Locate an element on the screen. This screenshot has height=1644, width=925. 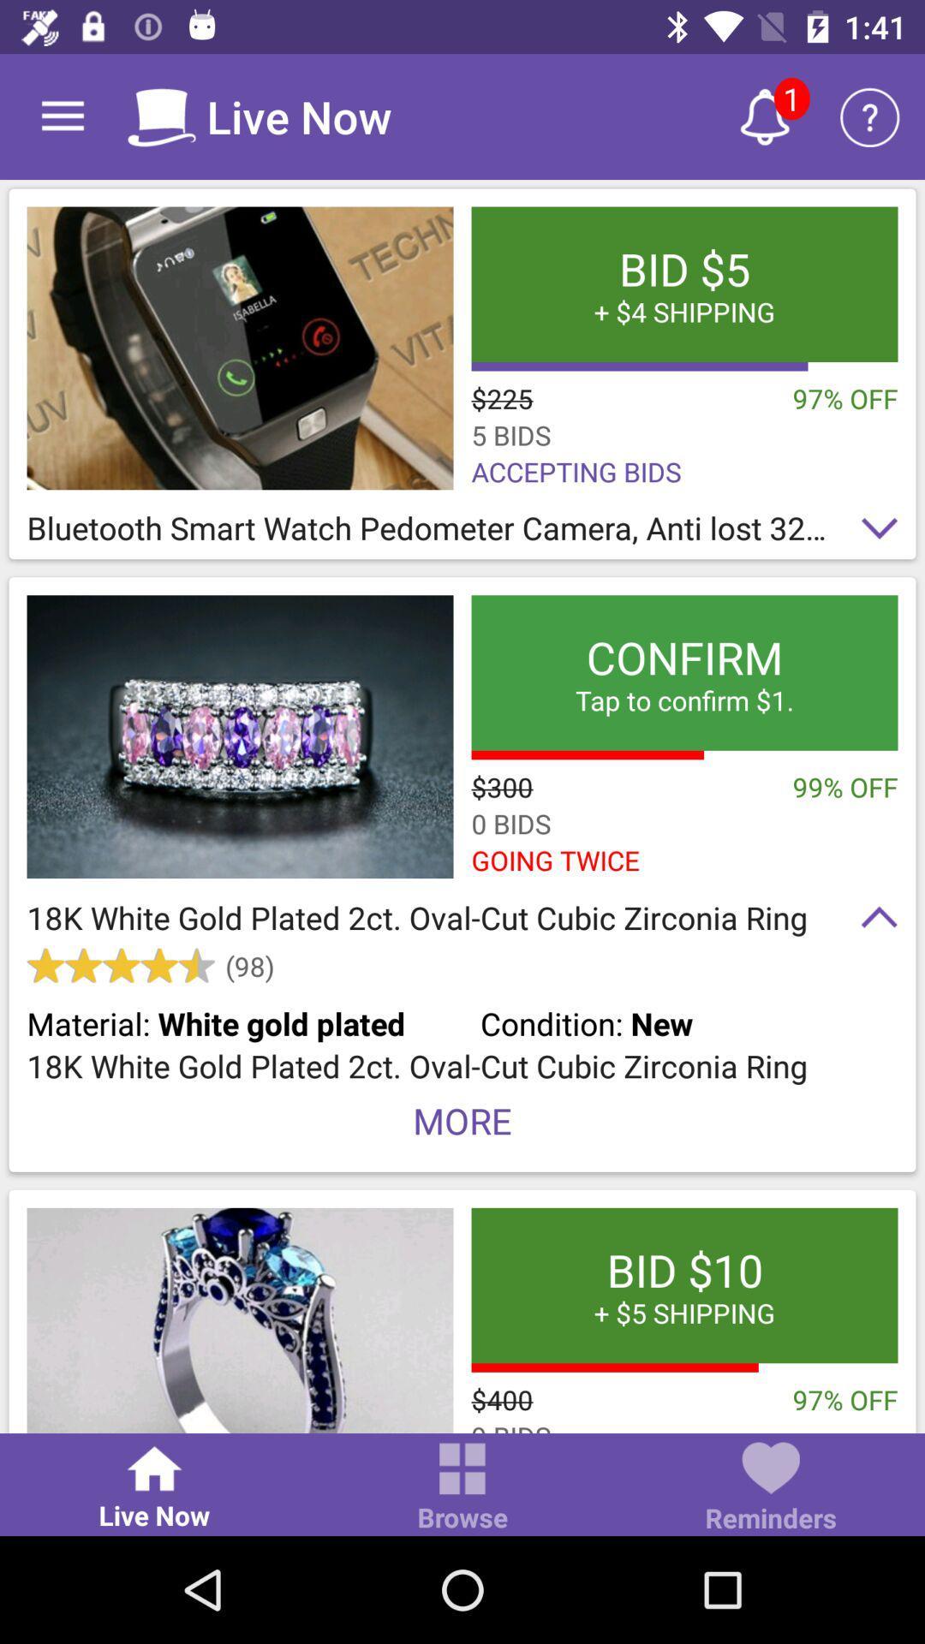
the item to the right of the live now icon is located at coordinates (462, 1487).